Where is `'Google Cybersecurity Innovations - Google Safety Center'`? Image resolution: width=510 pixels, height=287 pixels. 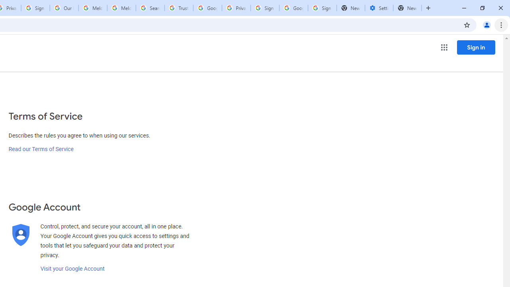
'Google Cybersecurity Innovations - Google Safety Center' is located at coordinates (293, 8).